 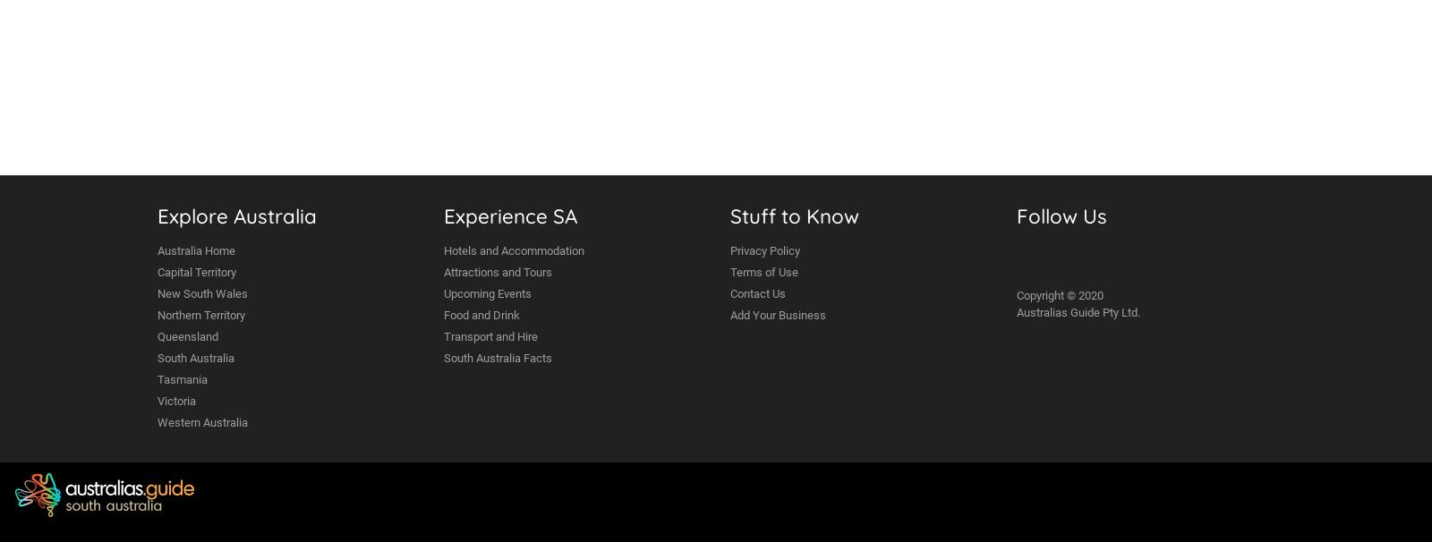 What do you see at coordinates (188, 336) in the screenshot?
I see `'Queensland'` at bounding box center [188, 336].